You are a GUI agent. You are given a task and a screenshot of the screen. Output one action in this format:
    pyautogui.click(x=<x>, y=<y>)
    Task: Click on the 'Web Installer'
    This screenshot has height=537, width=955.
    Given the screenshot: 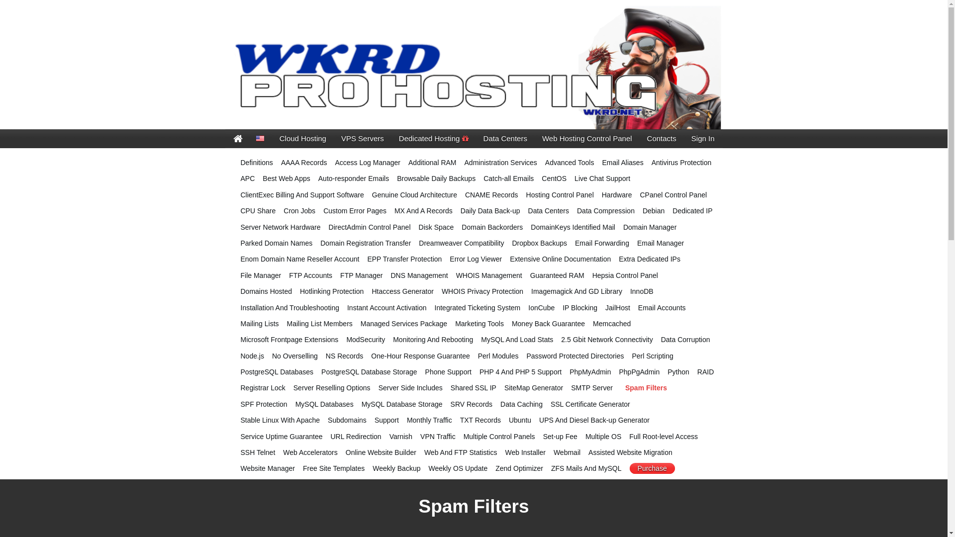 What is the action you would take?
    pyautogui.click(x=524, y=452)
    